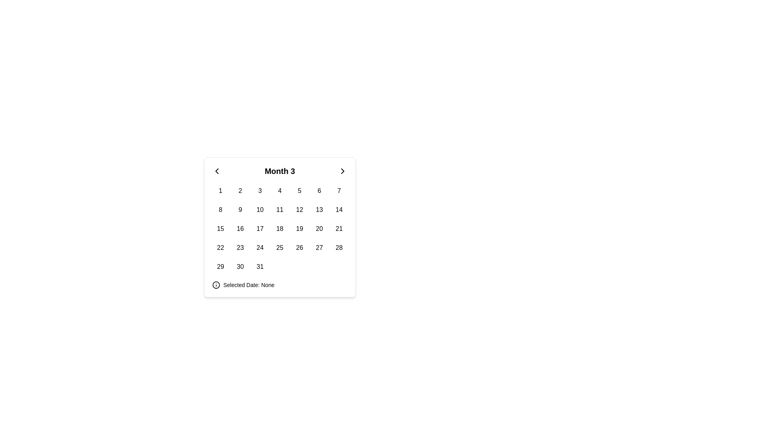 This screenshot has width=759, height=427. I want to click on the selectable calendar date located in the fourth row and second column of the calendar grid below the 'Month 3' header, so click(240, 248).